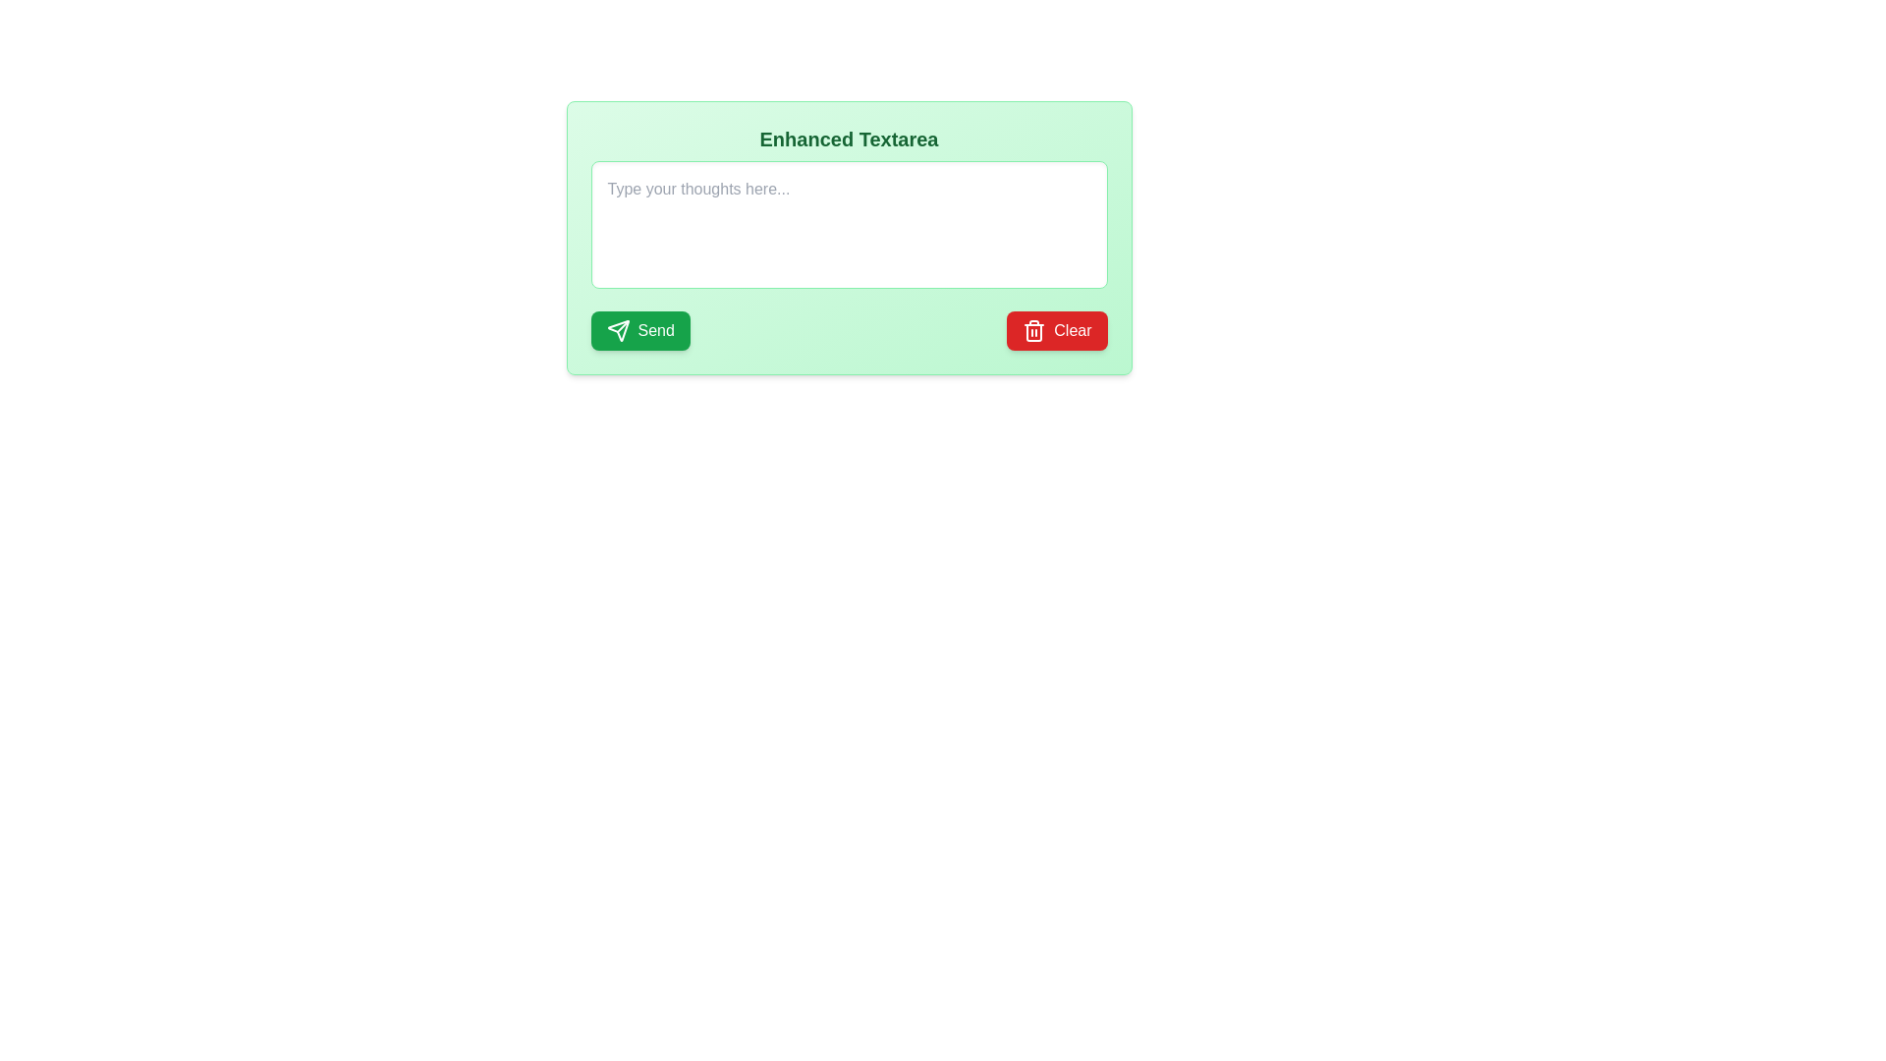 The height and width of the screenshot is (1061, 1886). What do you see at coordinates (640, 329) in the screenshot?
I see `the green 'Send' button with white text and a paper plane icon` at bounding box center [640, 329].